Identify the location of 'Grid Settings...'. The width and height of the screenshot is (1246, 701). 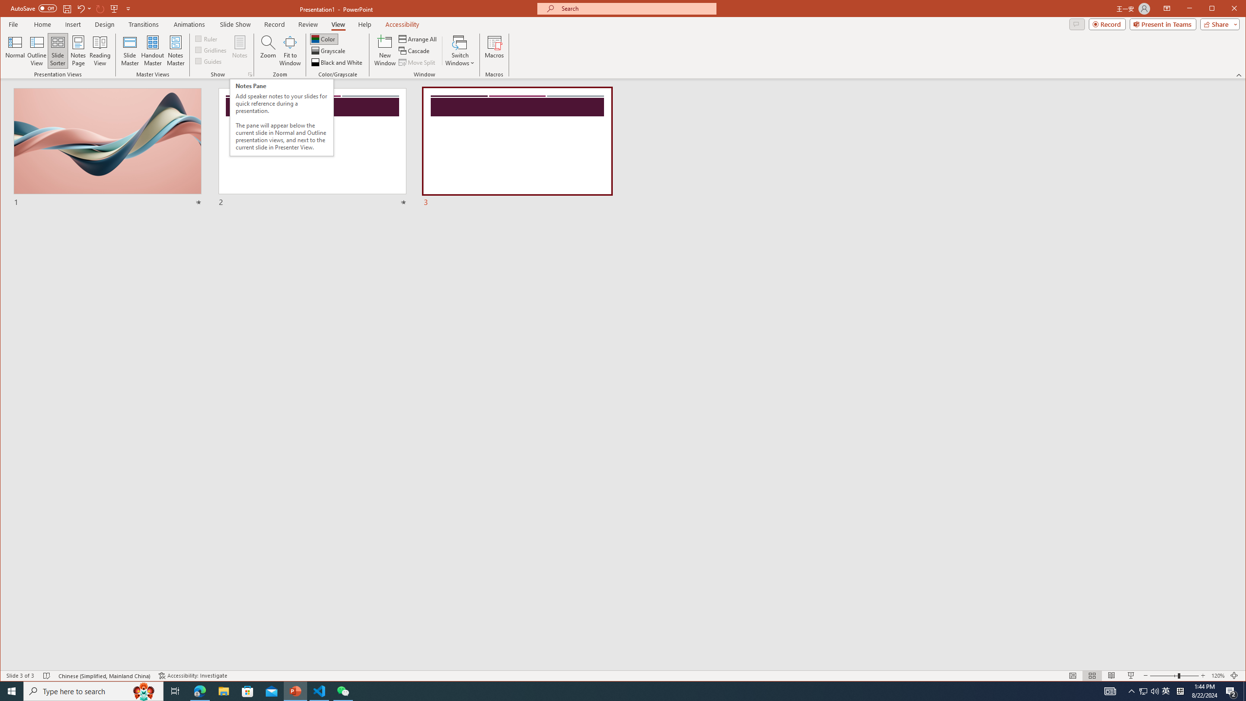
(250, 74).